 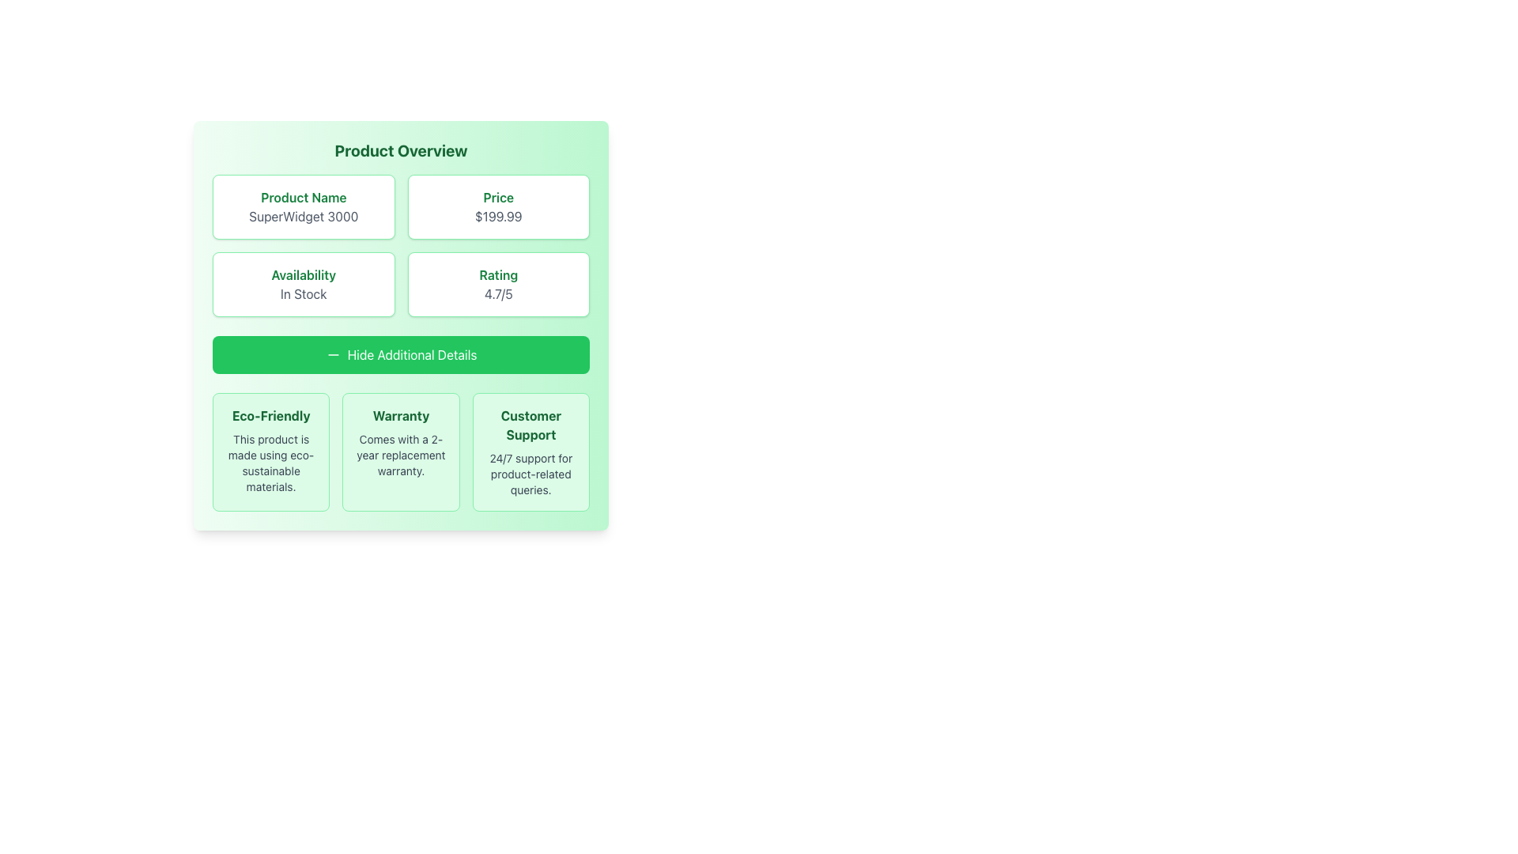 I want to click on the text block in the bottom-right corner of the 'Product Overview' section that provides information about customer support services, emphasizing 24/7 availability for product-related queries, so click(x=531, y=452).